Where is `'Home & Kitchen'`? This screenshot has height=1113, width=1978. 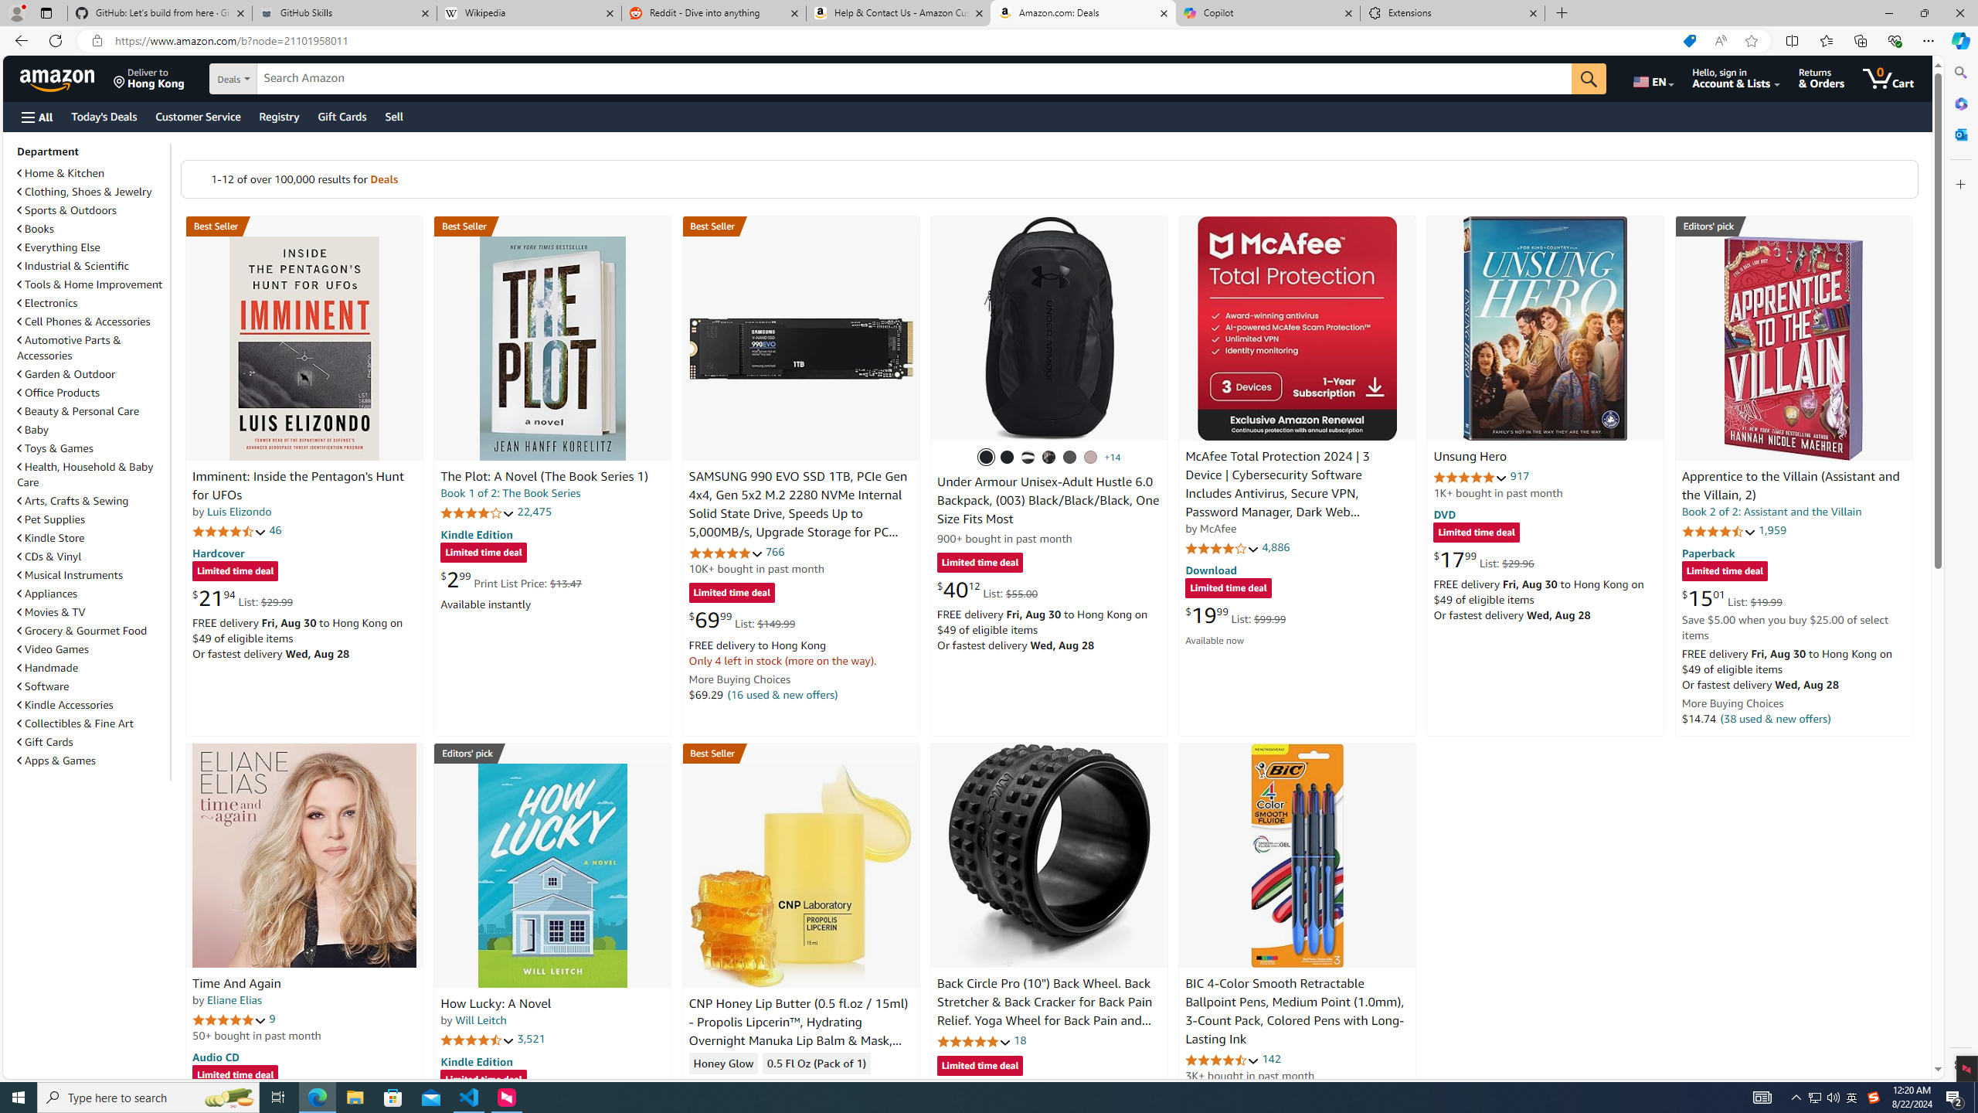
'Home & Kitchen' is located at coordinates (60, 172).